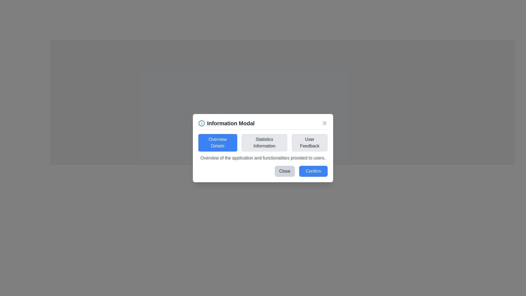  I want to click on the blue circle shape in the SVG graphic, which is the outermost border of the icon located to the left of the 'Information Modal' title in the modal header, so click(201, 123).